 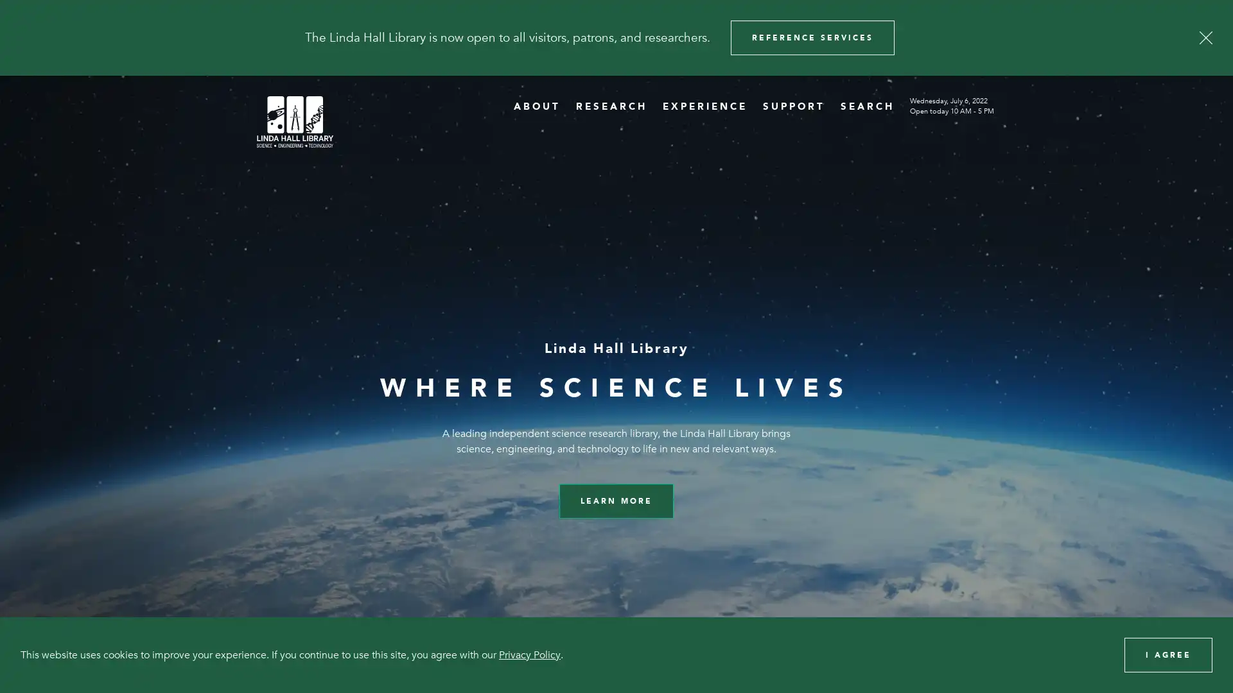 I want to click on RESEARCH, so click(x=611, y=105).